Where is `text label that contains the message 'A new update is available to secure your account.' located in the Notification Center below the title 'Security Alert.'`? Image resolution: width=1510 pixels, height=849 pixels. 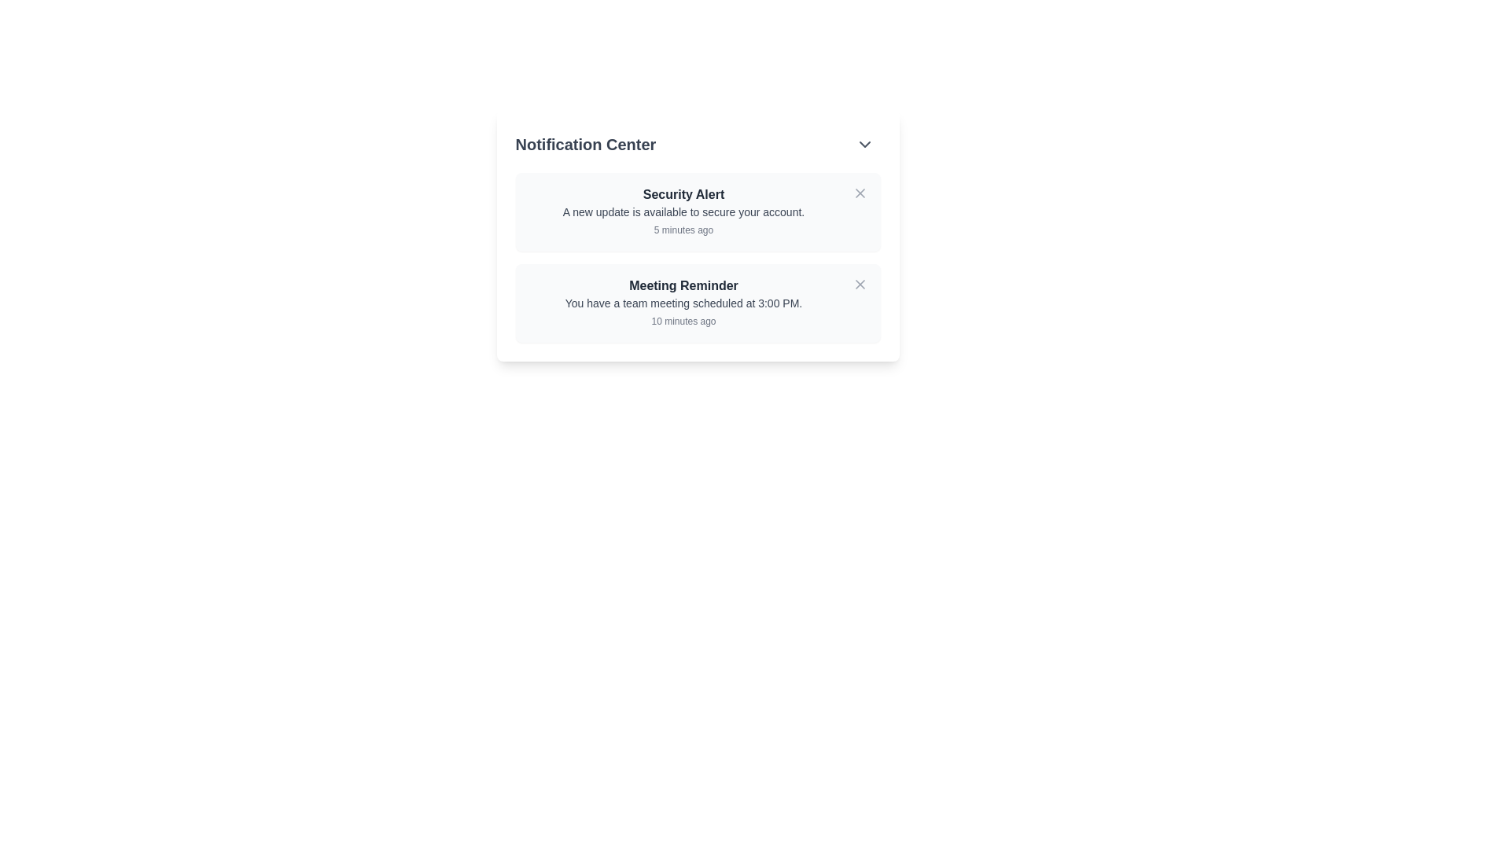 text label that contains the message 'A new update is available to secure your account.' located in the Notification Center below the title 'Security Alert.' is located at coordinates (683, 212).